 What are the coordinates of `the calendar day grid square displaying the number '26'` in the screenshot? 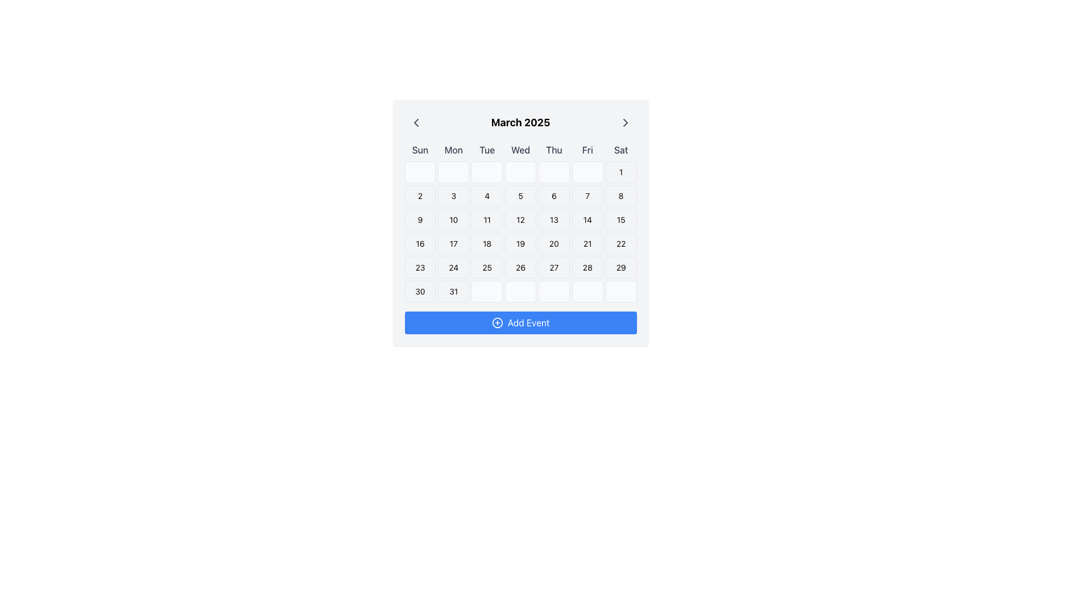 It's located at (520, 267).